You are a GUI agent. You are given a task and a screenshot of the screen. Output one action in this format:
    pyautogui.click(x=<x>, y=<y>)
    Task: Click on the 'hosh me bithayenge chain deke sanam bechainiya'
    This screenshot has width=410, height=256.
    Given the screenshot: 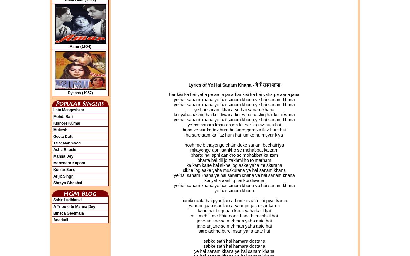 What is the action you would take?
    pyautogui.click(x=234, y=145)
    